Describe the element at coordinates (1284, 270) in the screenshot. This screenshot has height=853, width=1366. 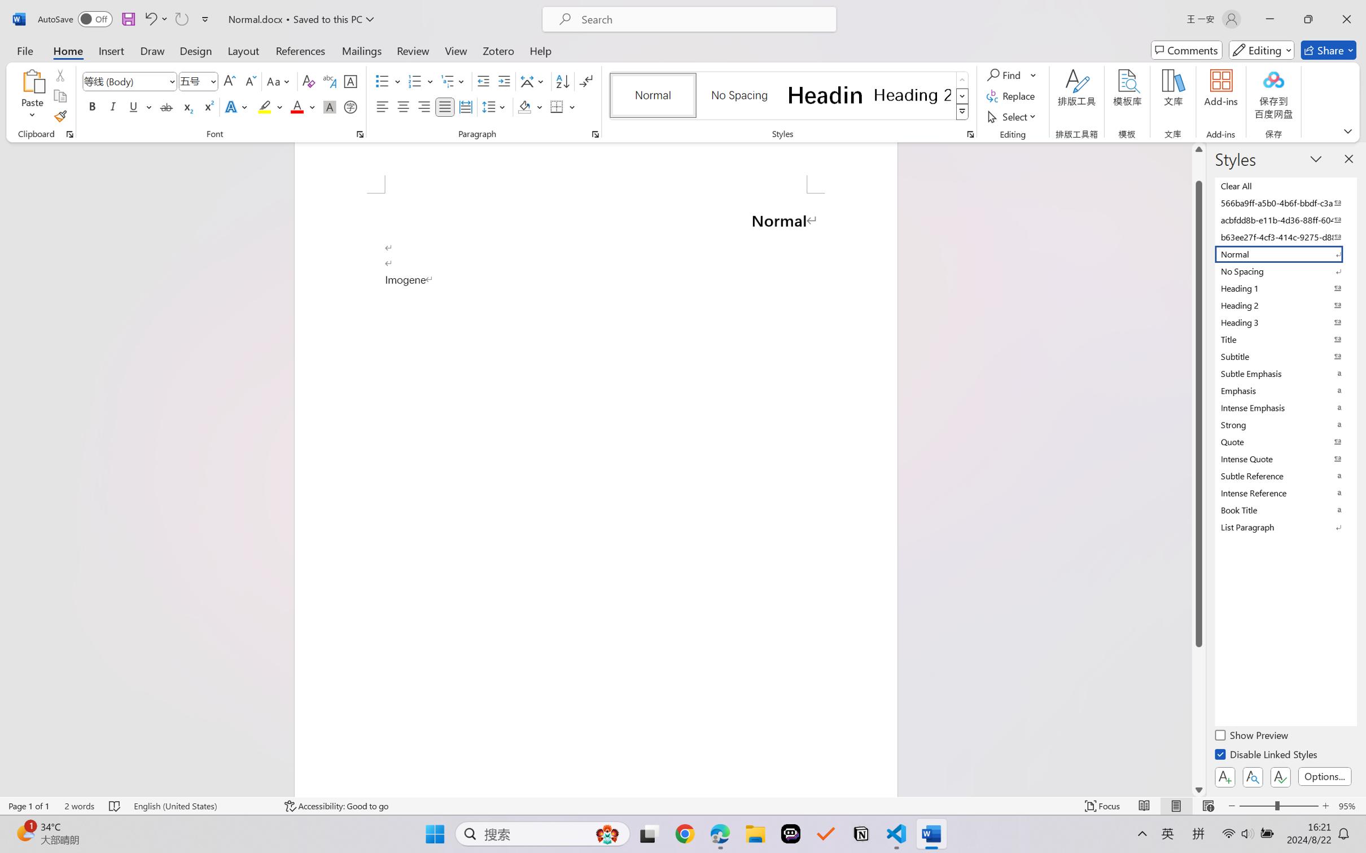
I see `'No Spacing'` at that location.